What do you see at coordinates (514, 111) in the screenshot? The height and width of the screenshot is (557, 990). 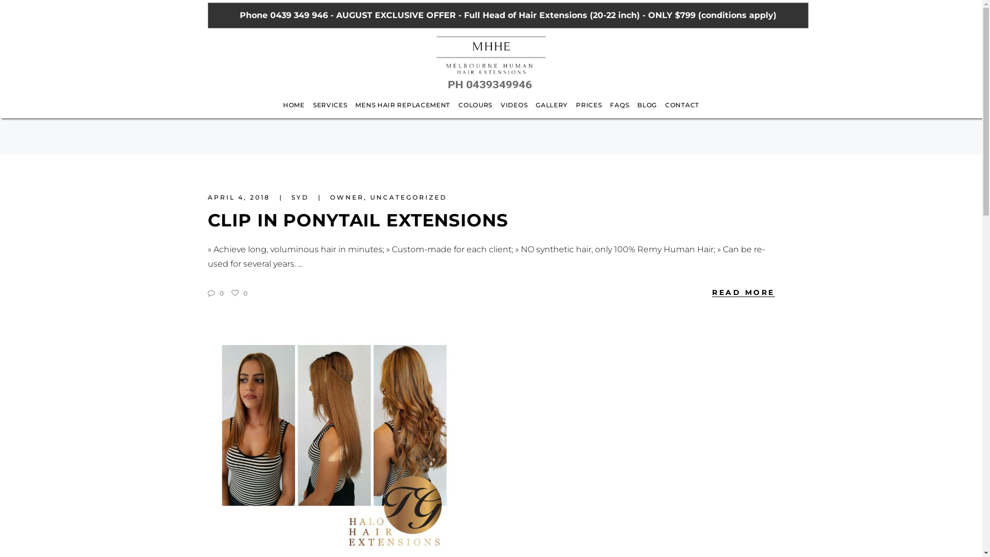 I see `'VIDEOS'` at bounding box center [514, 111].